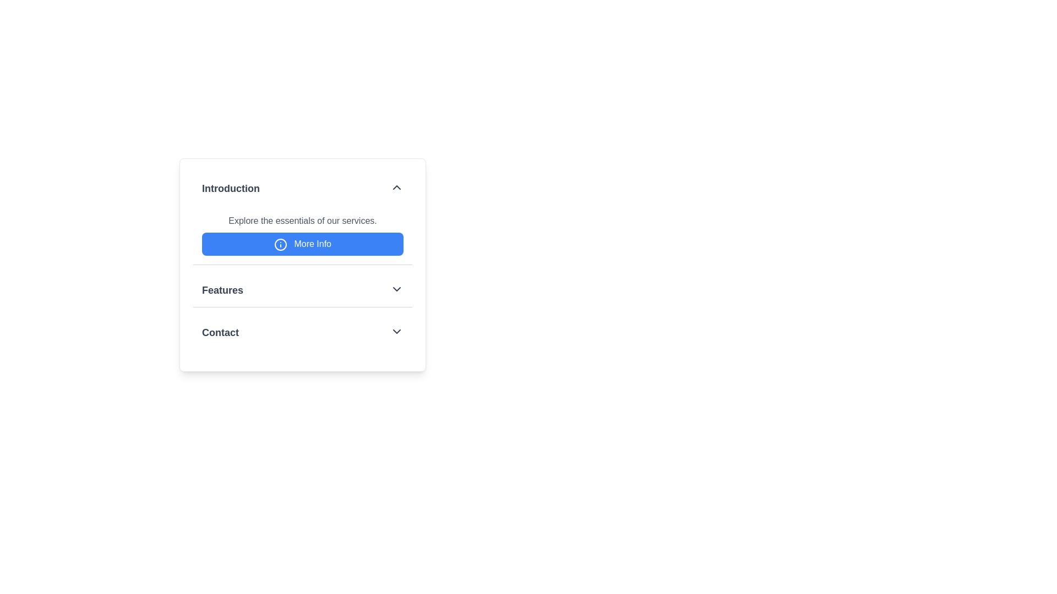 The image size is (1057, 594). I want to click on the visual indicator icon located, so click(280, 244).